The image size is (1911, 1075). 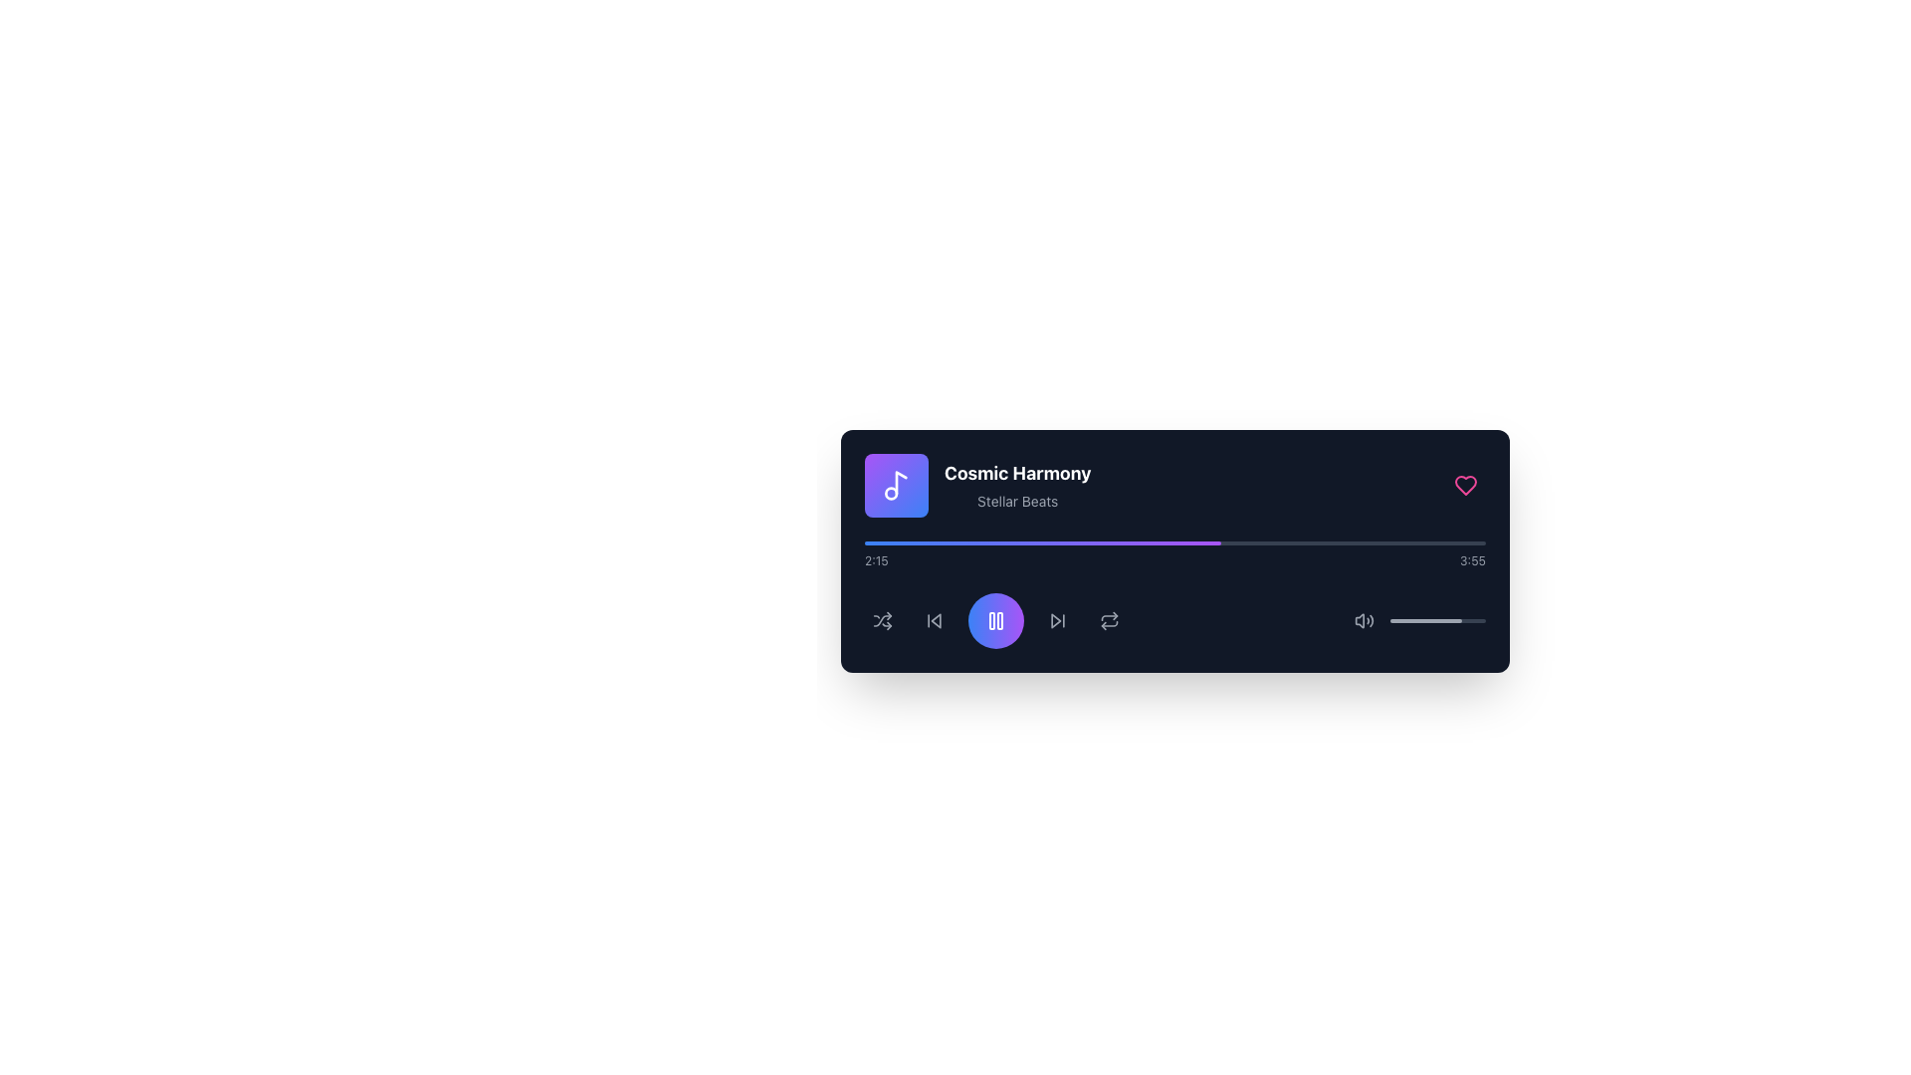 What do you see at coordinates (992, 620) in the screenshot?
I see `the left bar of the pause icon, which is a vertical rectangle located inside a circular button at the center of the media player interface` at bounding box center [992, 620].